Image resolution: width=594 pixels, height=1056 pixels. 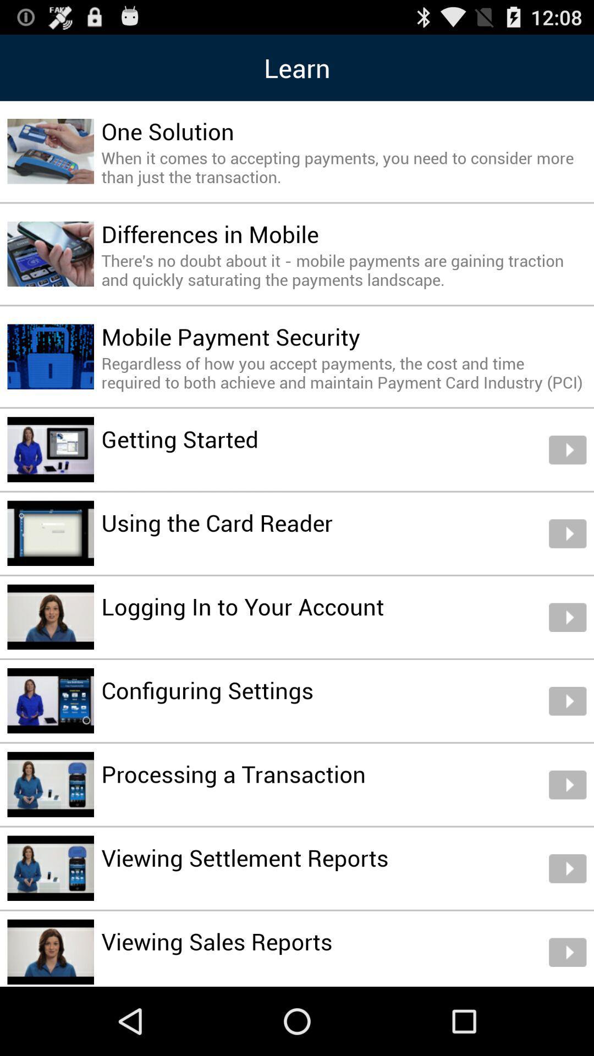 What do you see at coordinates (343, 167) in the screenshot?
I see `the icon above the differences in mobile` at bounding box center [343, 167].